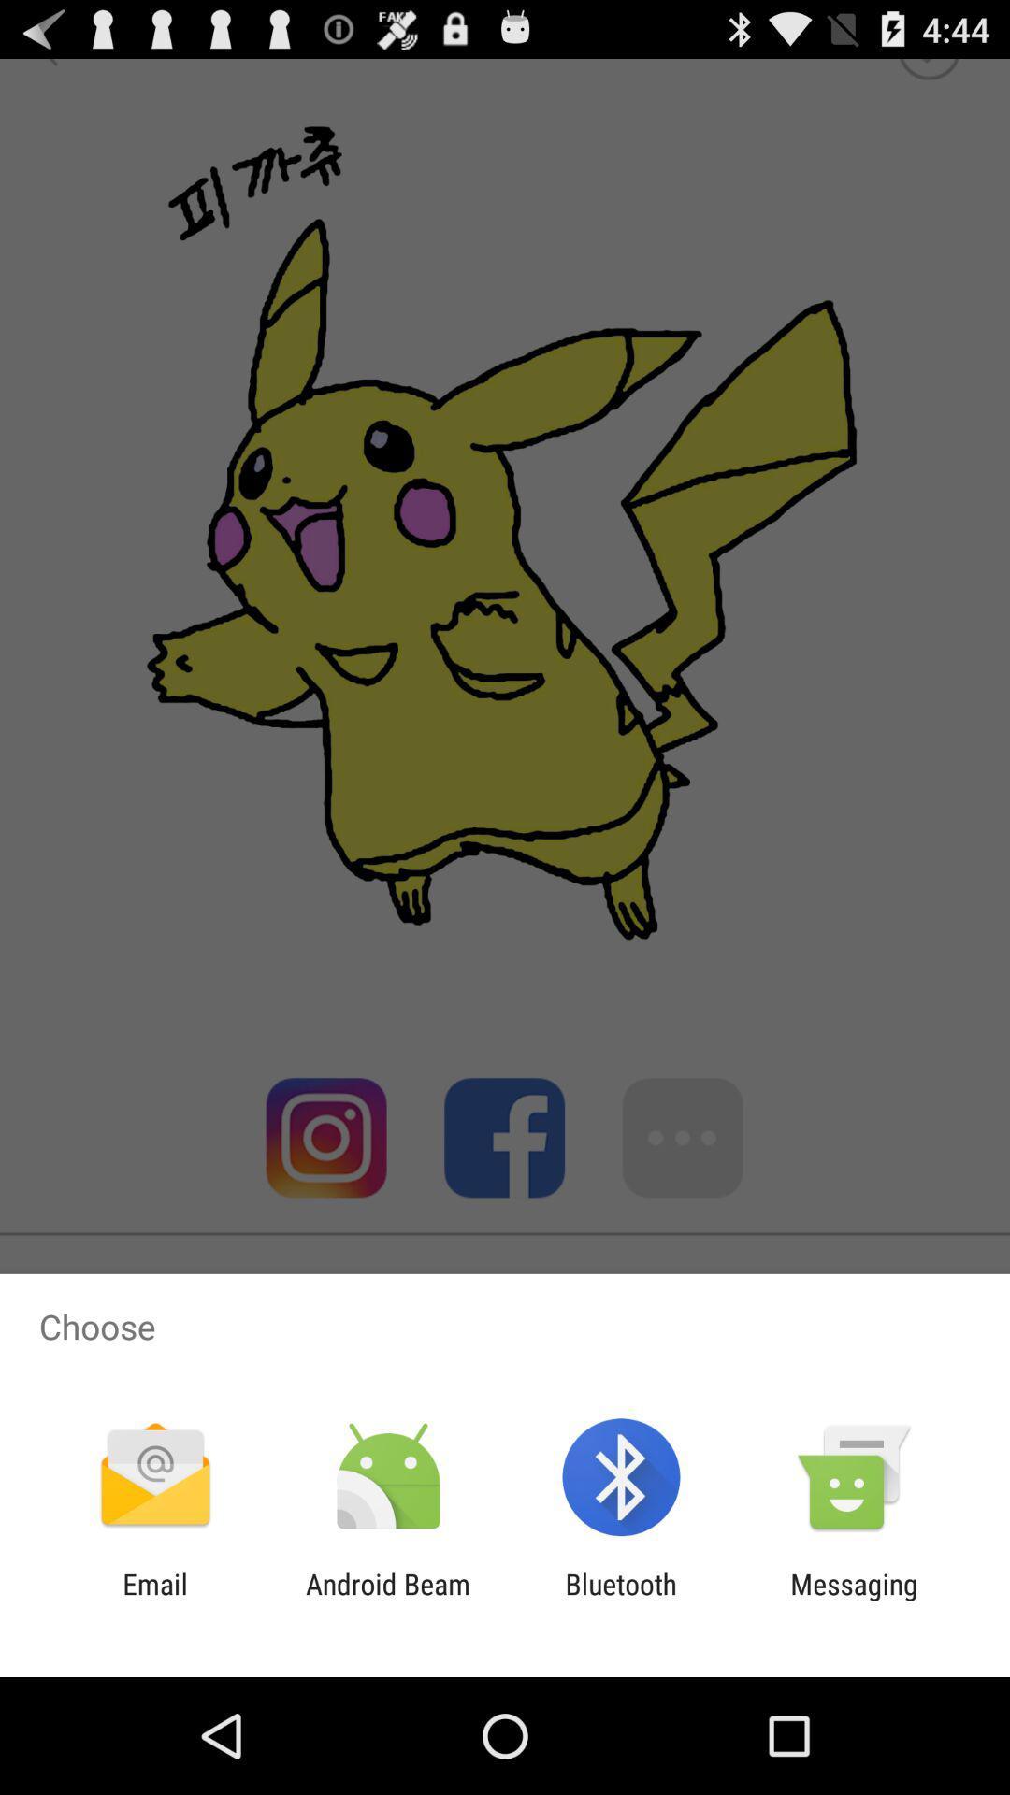  I want to click on messaging icon, so click(854, 1600).